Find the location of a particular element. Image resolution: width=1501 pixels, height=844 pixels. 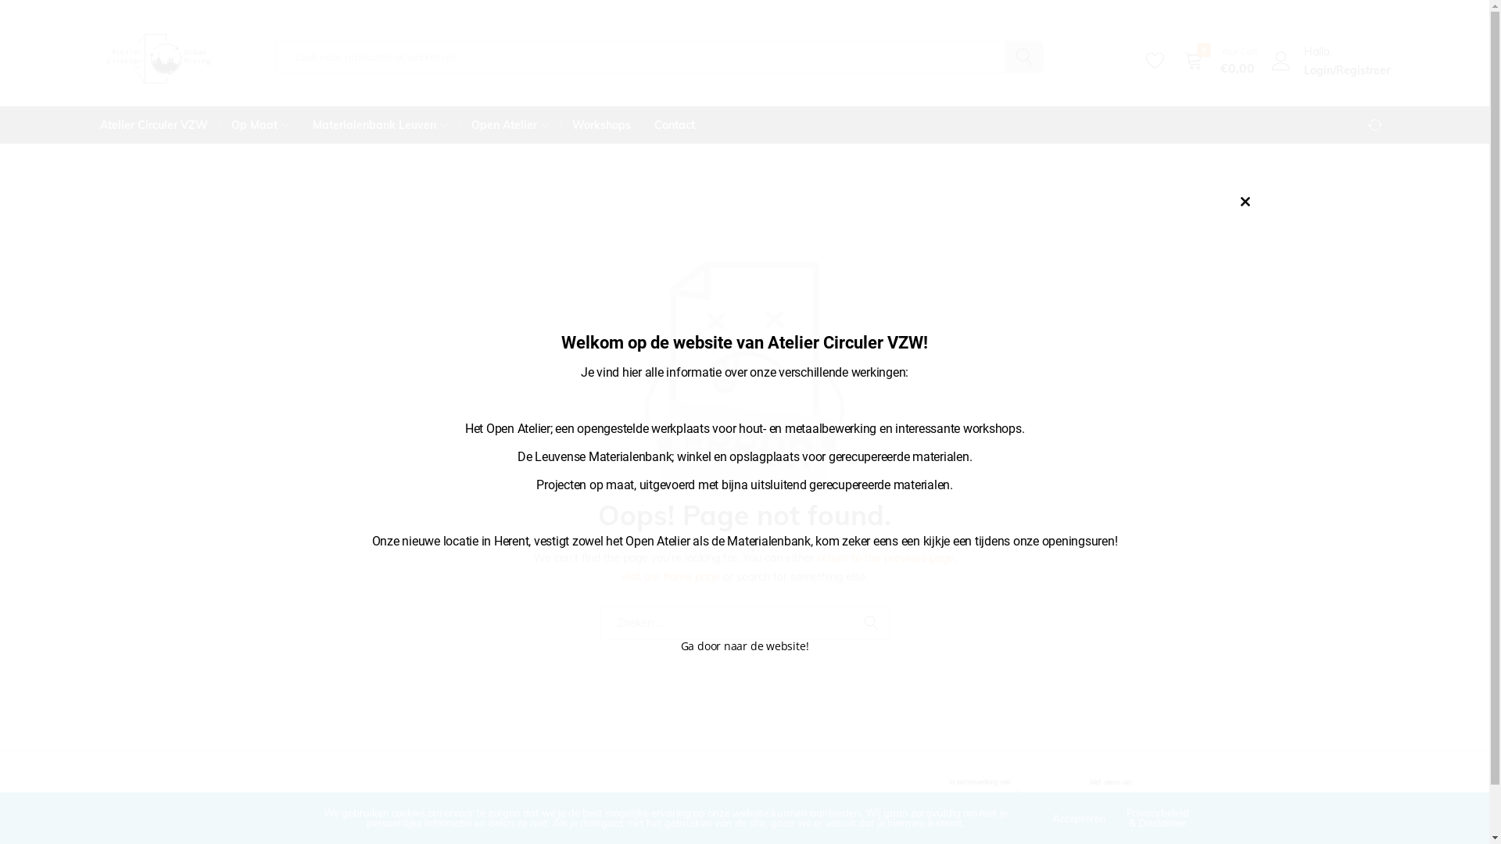

'Ga door naar de website!' is located at coordinates (680, 646).